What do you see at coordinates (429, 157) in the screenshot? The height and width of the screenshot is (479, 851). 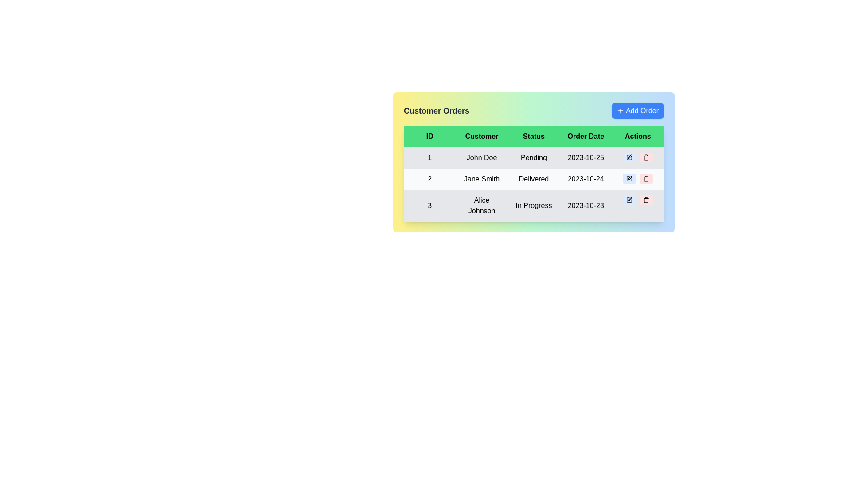 I see `the text element that identifies the first row in the table under the 'ID' column header` at bounding box center [429, 157].